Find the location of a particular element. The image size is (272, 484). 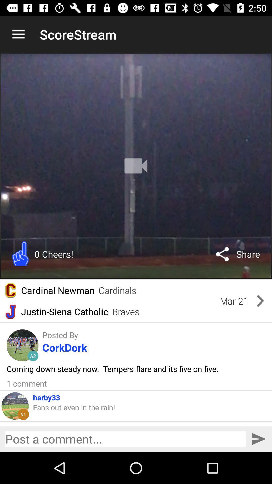

the icon above 1 comment is located at coordinates (112, 369).